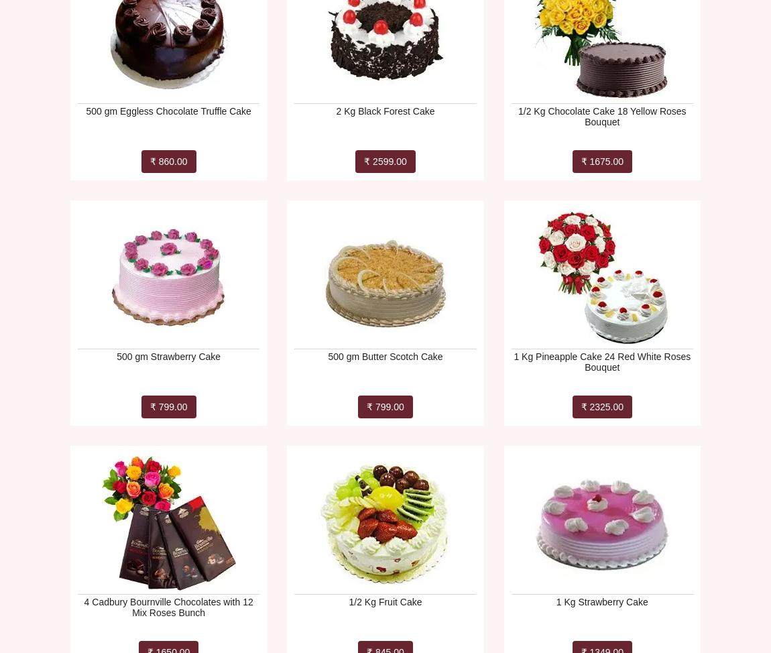 Image resolution: width=771 pixels, height=653 pixels. Describe the element at coordinates (168, 111) in the screenshot. I see `'500 gm Eggless Chocolate Truffle Cake'` at that location.